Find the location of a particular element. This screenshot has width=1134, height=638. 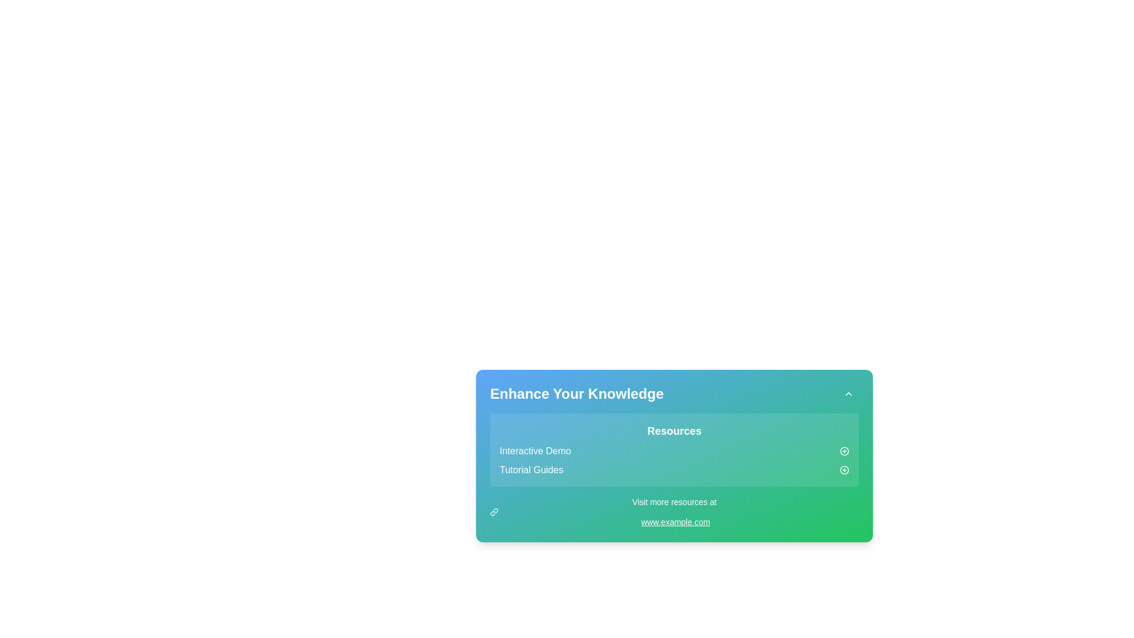

the circle plus icon located on the right side of the 'Tutorial Guides' section is located at coordinates (844, 469).